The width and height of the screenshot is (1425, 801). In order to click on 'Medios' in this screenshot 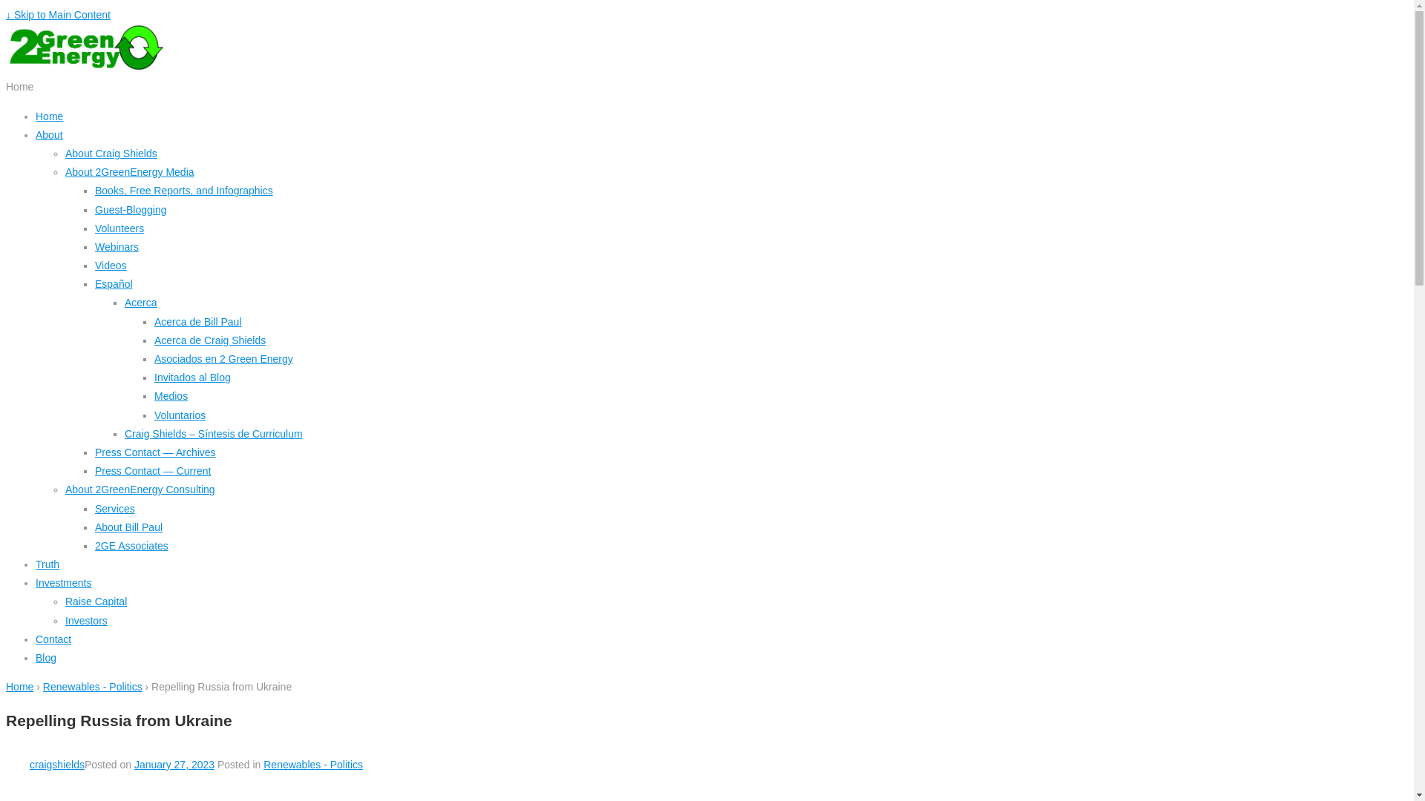, I will do `click(171, 395)`.